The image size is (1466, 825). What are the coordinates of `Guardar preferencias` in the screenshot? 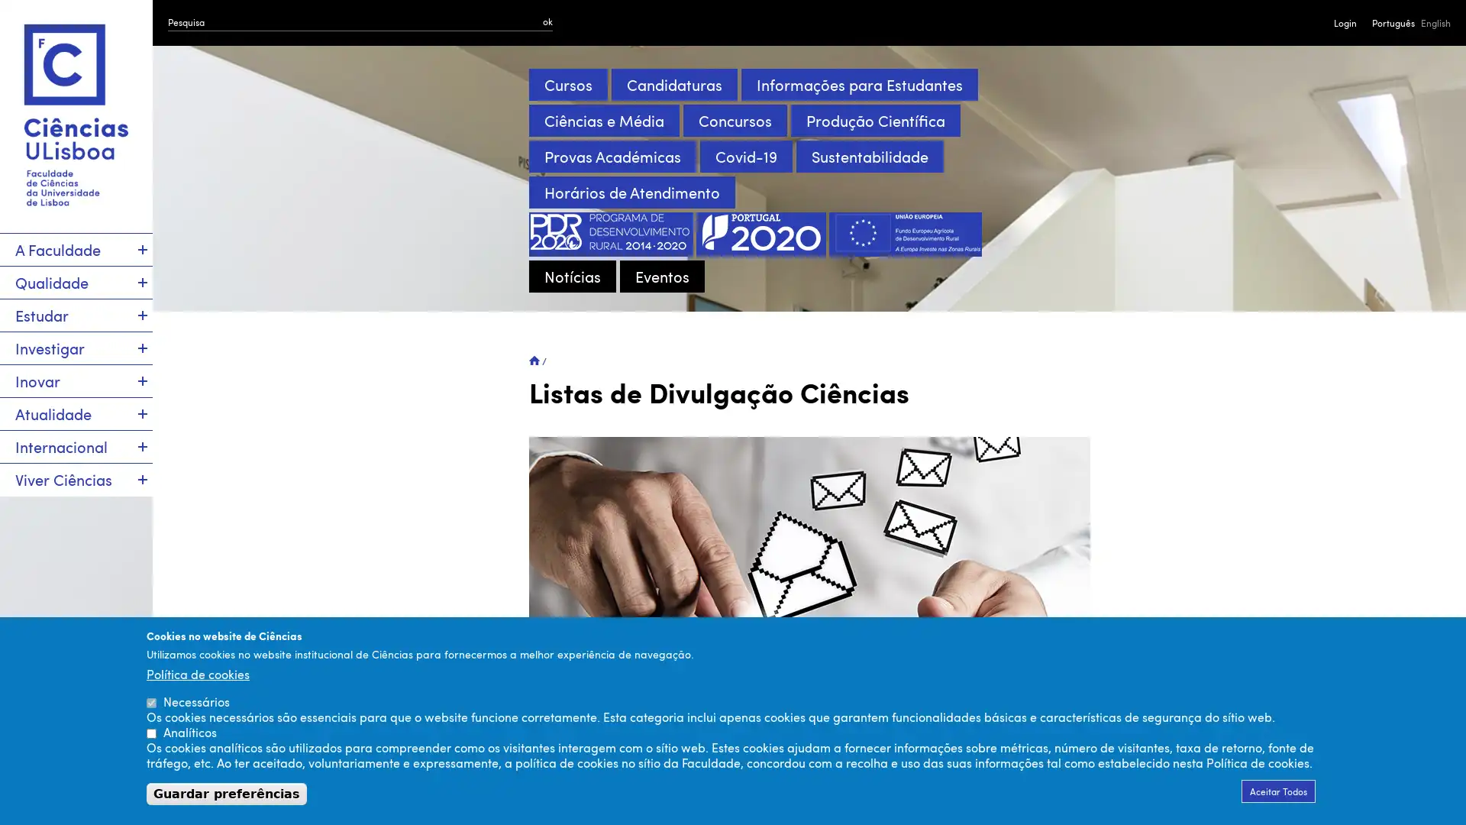 It's located at (226, 793).